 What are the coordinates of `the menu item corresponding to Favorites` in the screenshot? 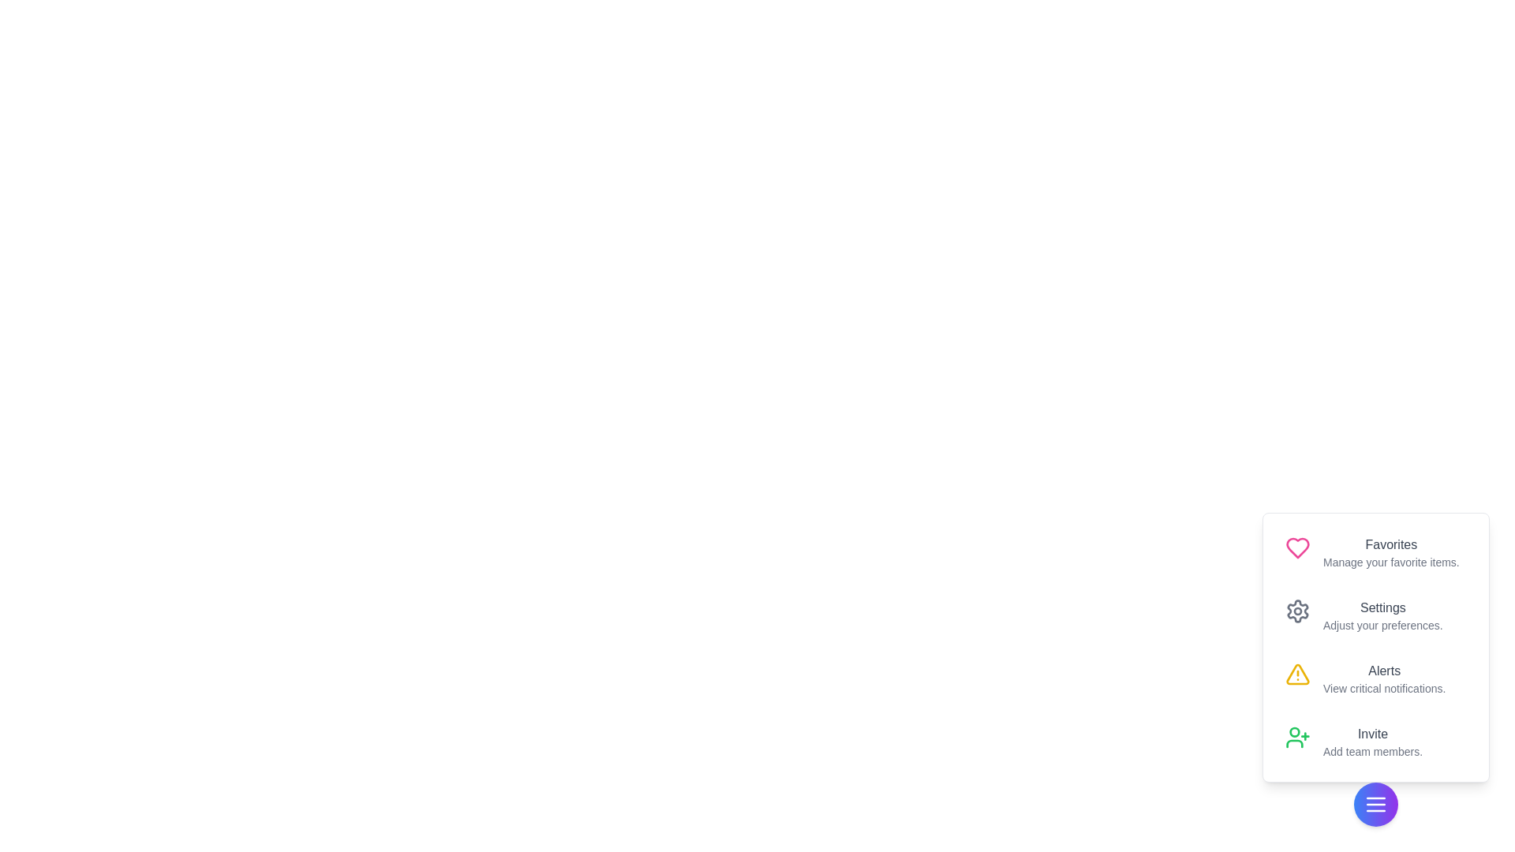 It's located at (1375, 552).